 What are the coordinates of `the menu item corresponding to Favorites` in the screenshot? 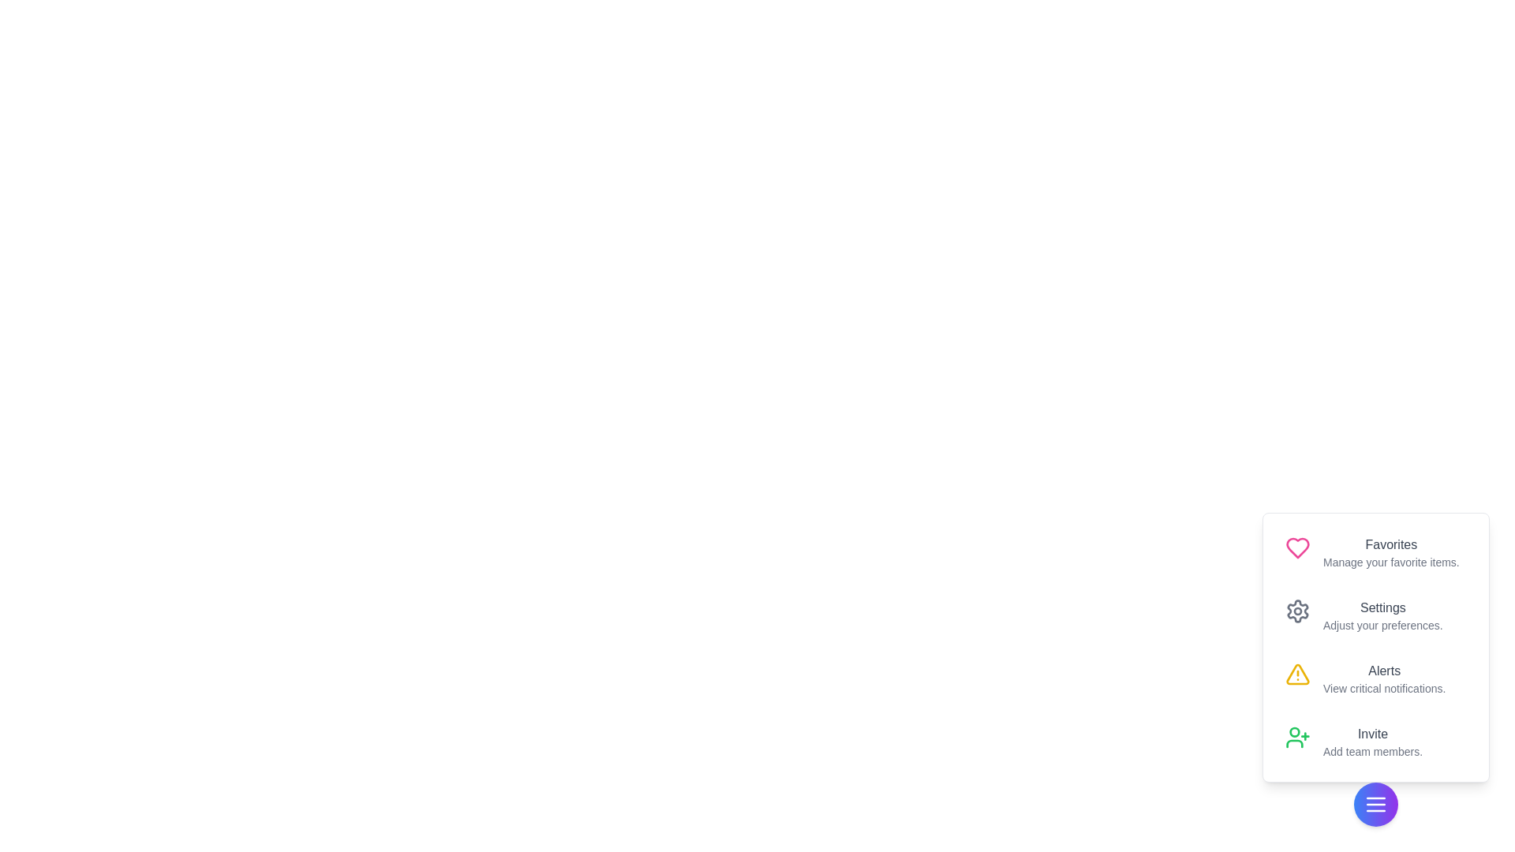 It's located at (1375, 552).